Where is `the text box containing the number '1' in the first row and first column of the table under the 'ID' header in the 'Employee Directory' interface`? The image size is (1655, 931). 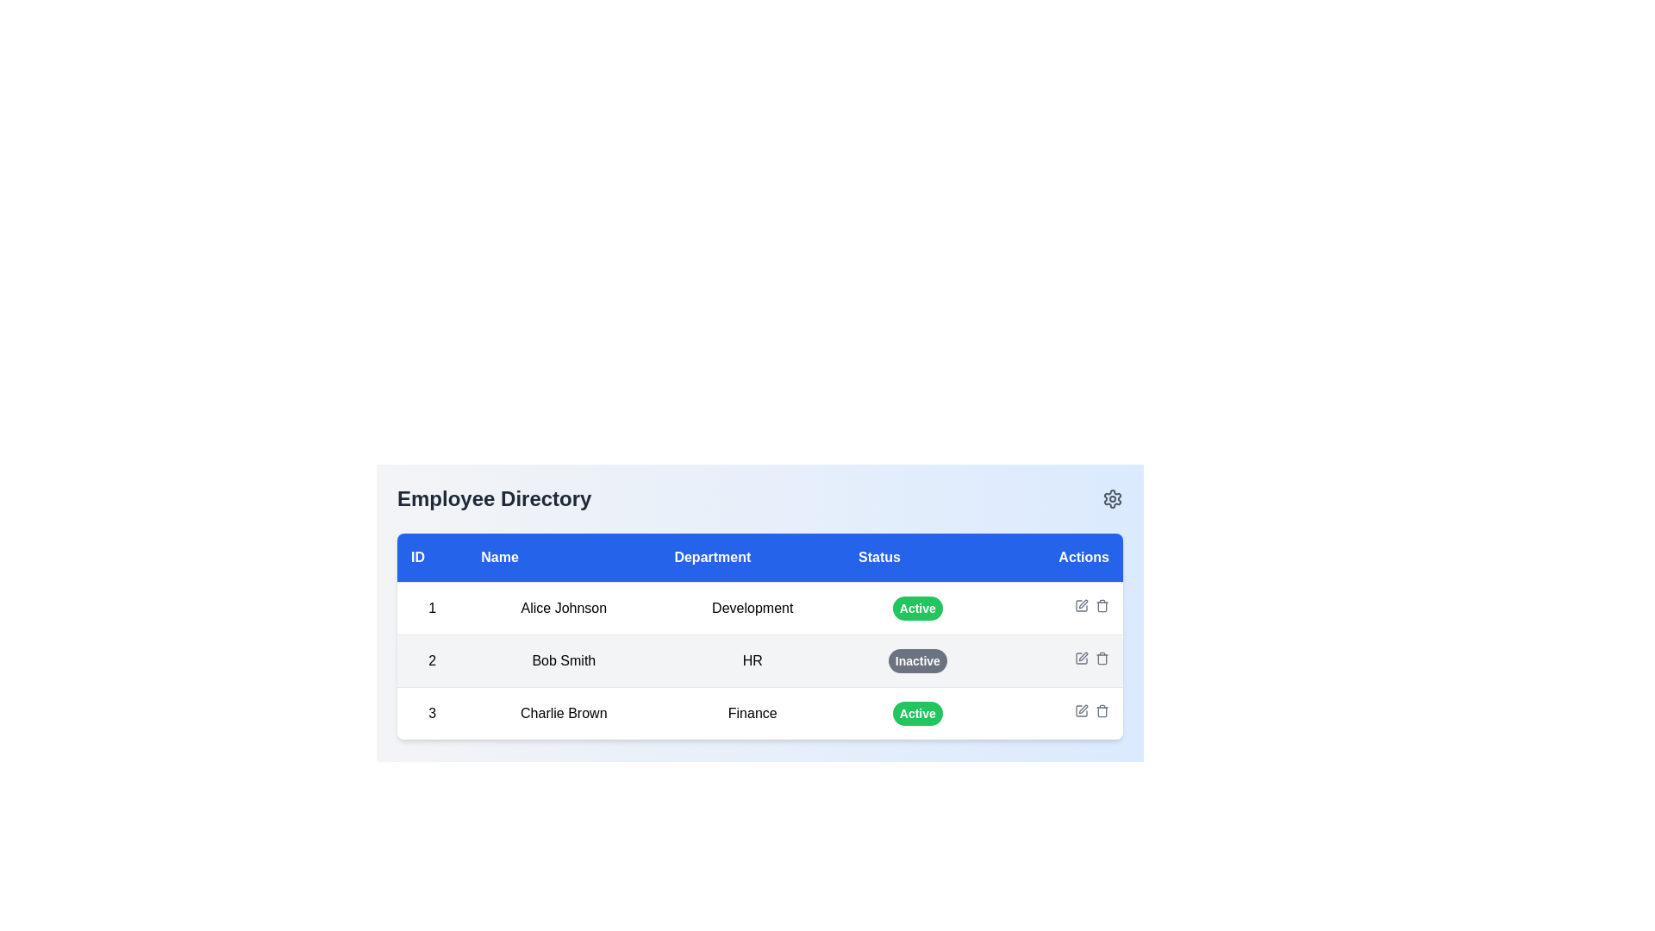
the text box containing the number '1' in the first row and first column of the table under the 'ID' header in the 'Employee Directory' interface is located at coordinates (432, 607).